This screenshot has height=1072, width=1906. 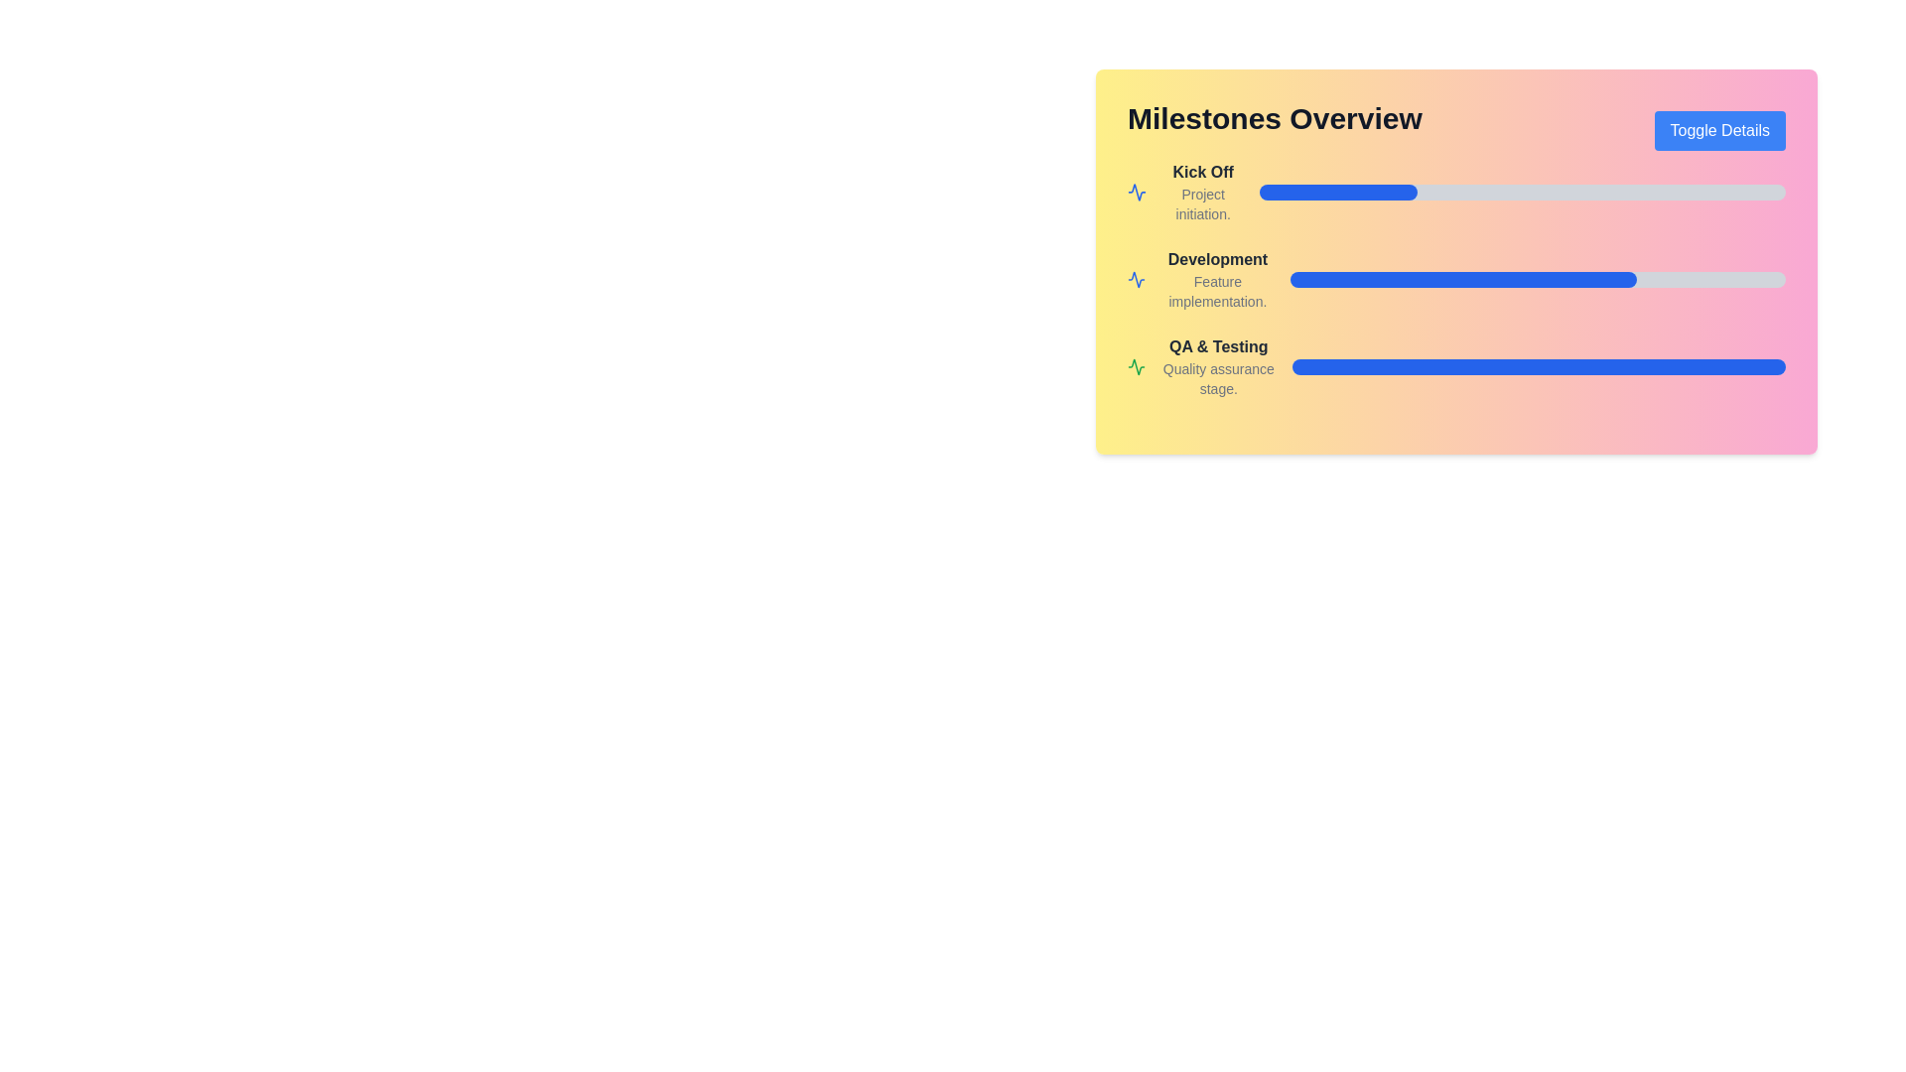 What do you see at coordinates (1202, 192) in the screenshot?
I see `the Text block that describes the 'Kick Off' phase of the project, which is the first item in the Milestones Overview section` at bounding box center [1202, 192].